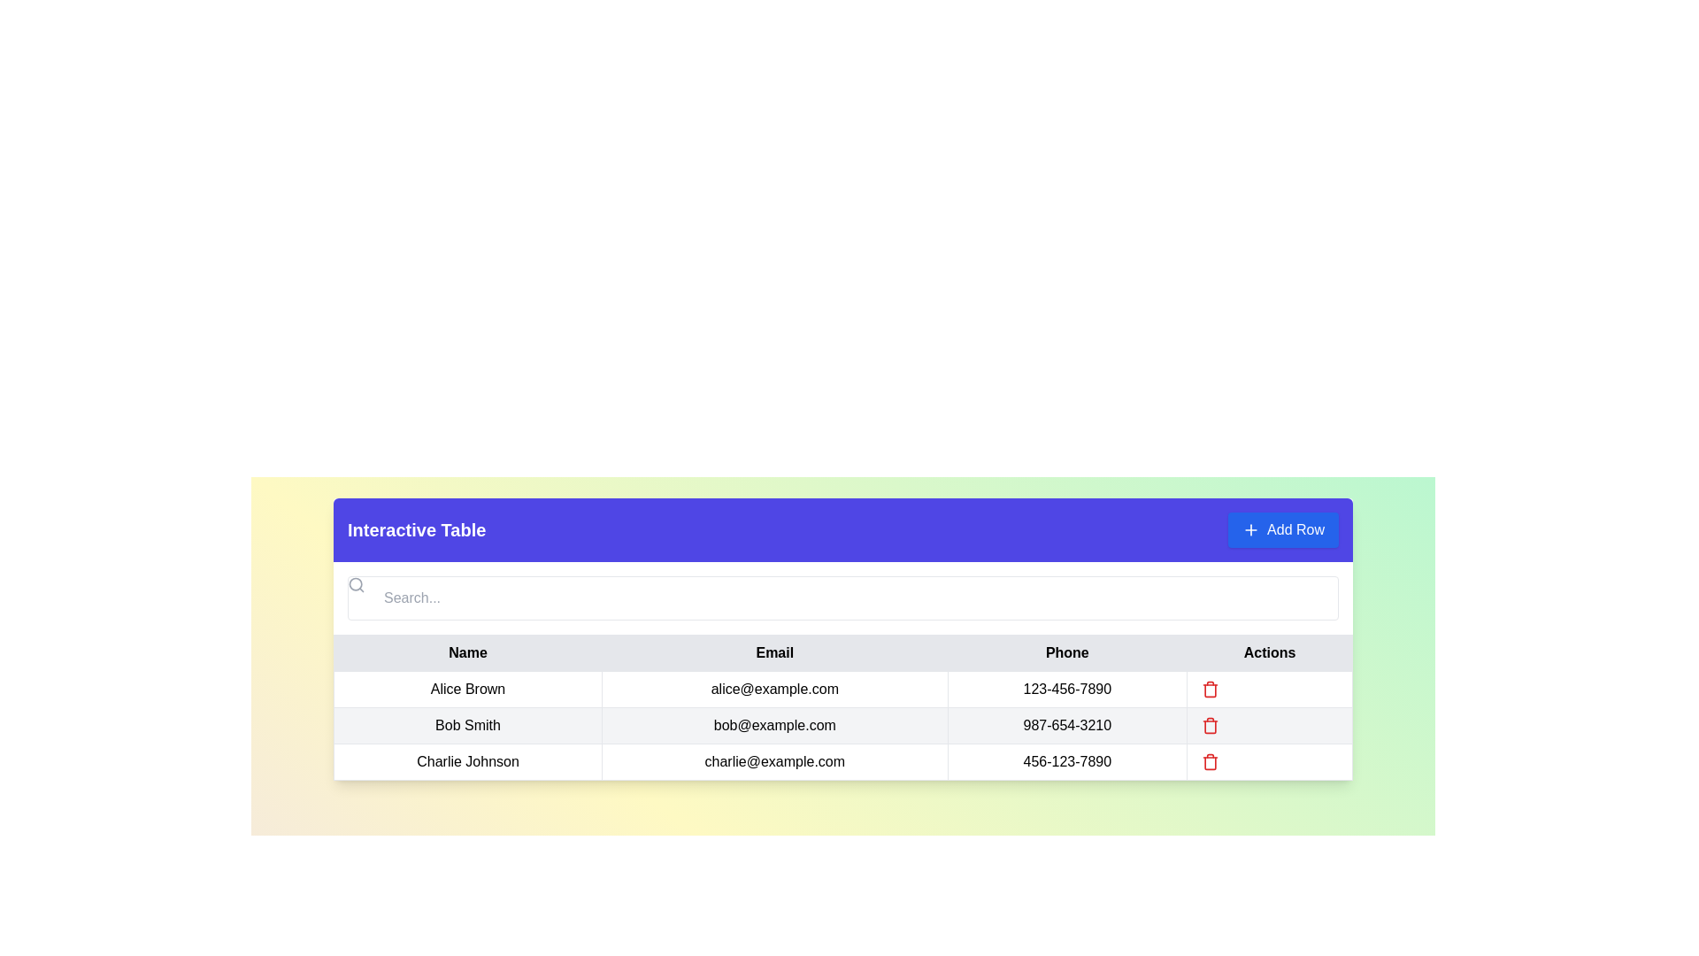 This screenshot has width=1699, height=956. I want to click on the first row entry in the table containing information about 'Alice Brown', which includes the name, email, and phone number, so click(842, 689).